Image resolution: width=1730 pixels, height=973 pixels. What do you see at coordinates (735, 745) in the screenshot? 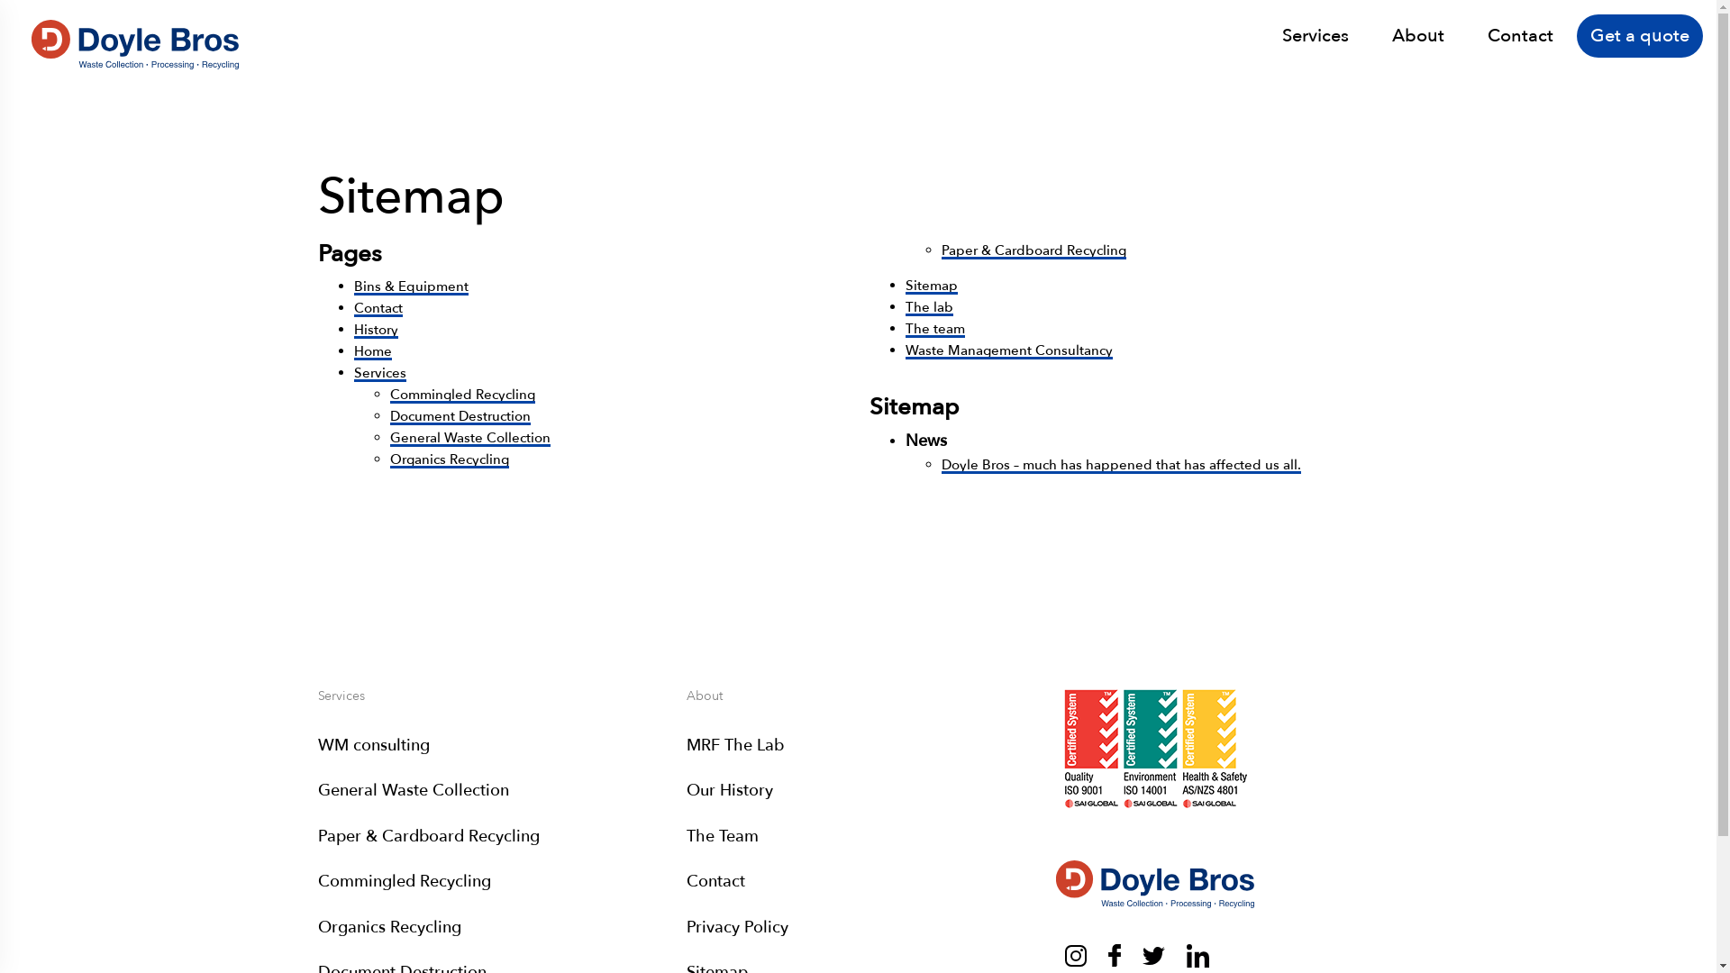
I see `'MRF The Lab'` at bounding box center [735, 745].